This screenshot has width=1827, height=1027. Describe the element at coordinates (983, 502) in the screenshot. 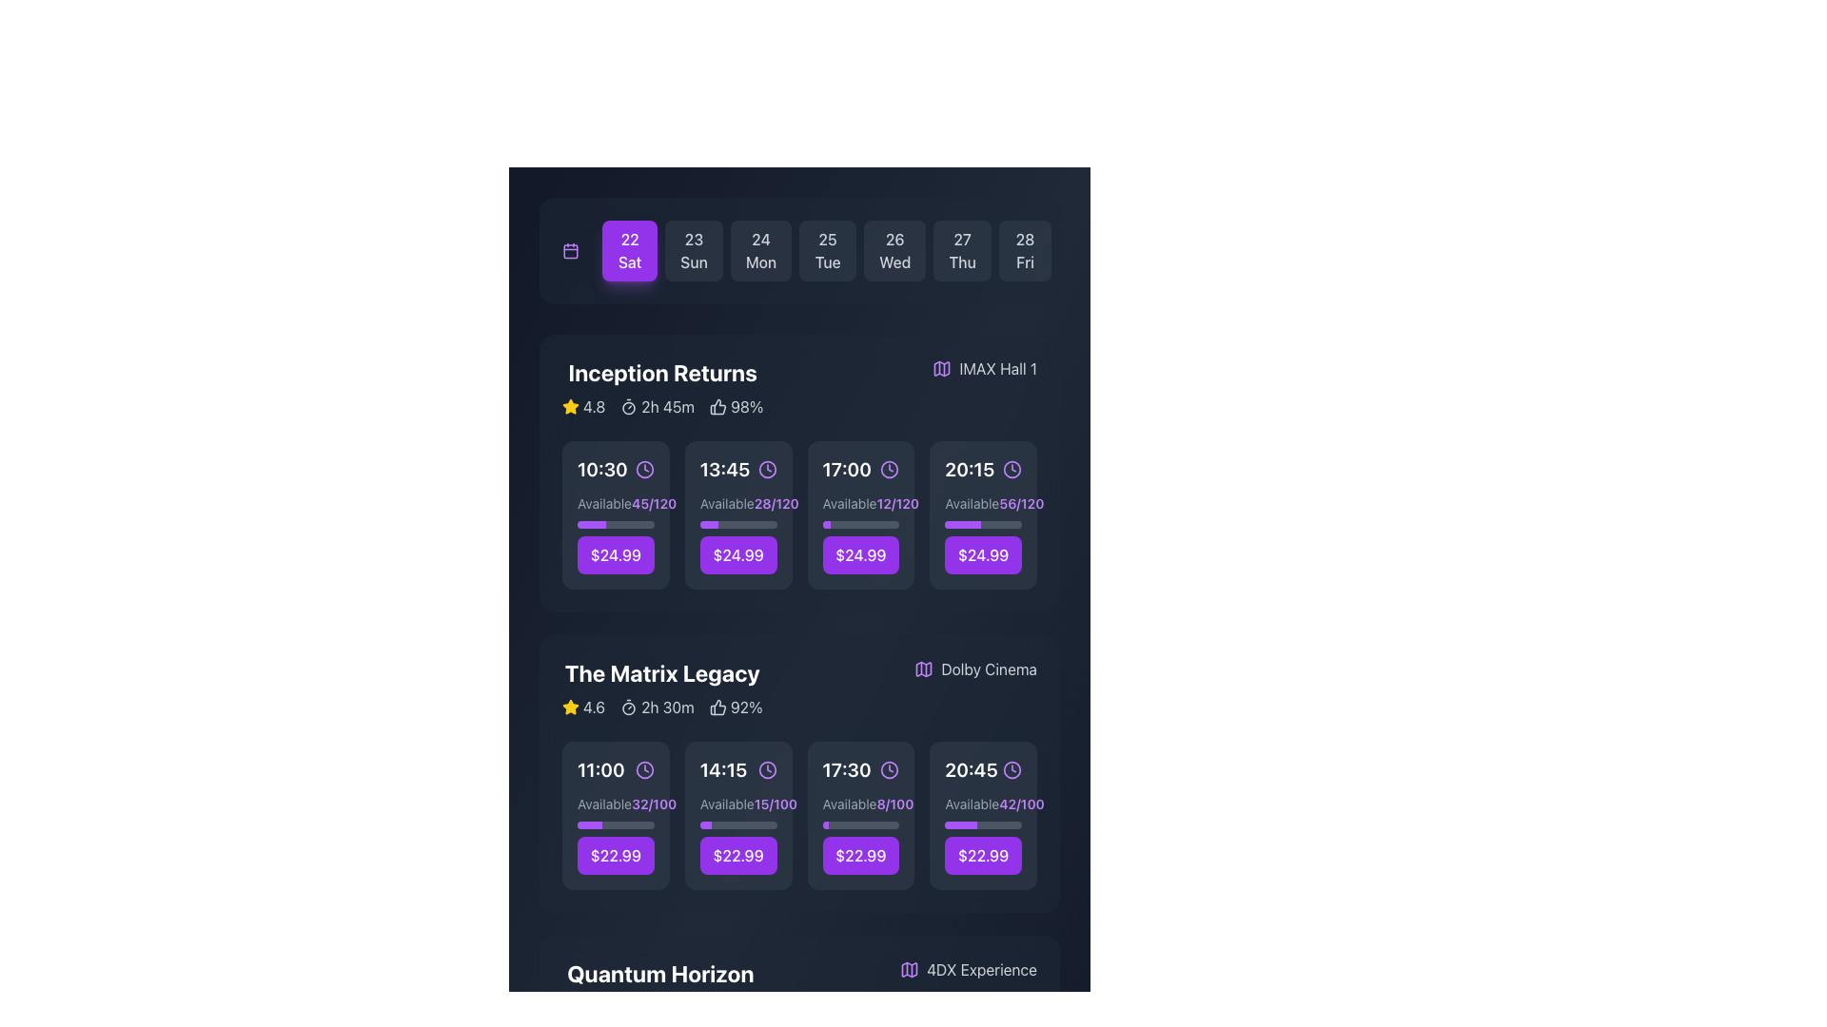

I see `the label indicating resource availability, which shows '56' current usage out of '120' total capacity, located in the last column under 'Inception Returns', above a progress bar and a $24.99 button` at that location.